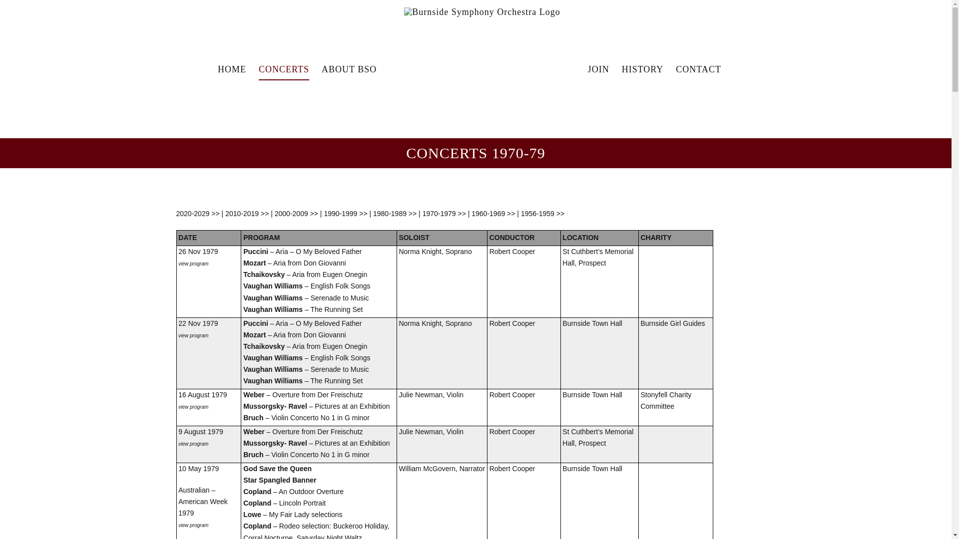 Image resolution: width=959 pixels, height=539 pixels. Describe the element at coordinates (259, 68) in the screenshot. I see `'CONCERTS'` at that location.